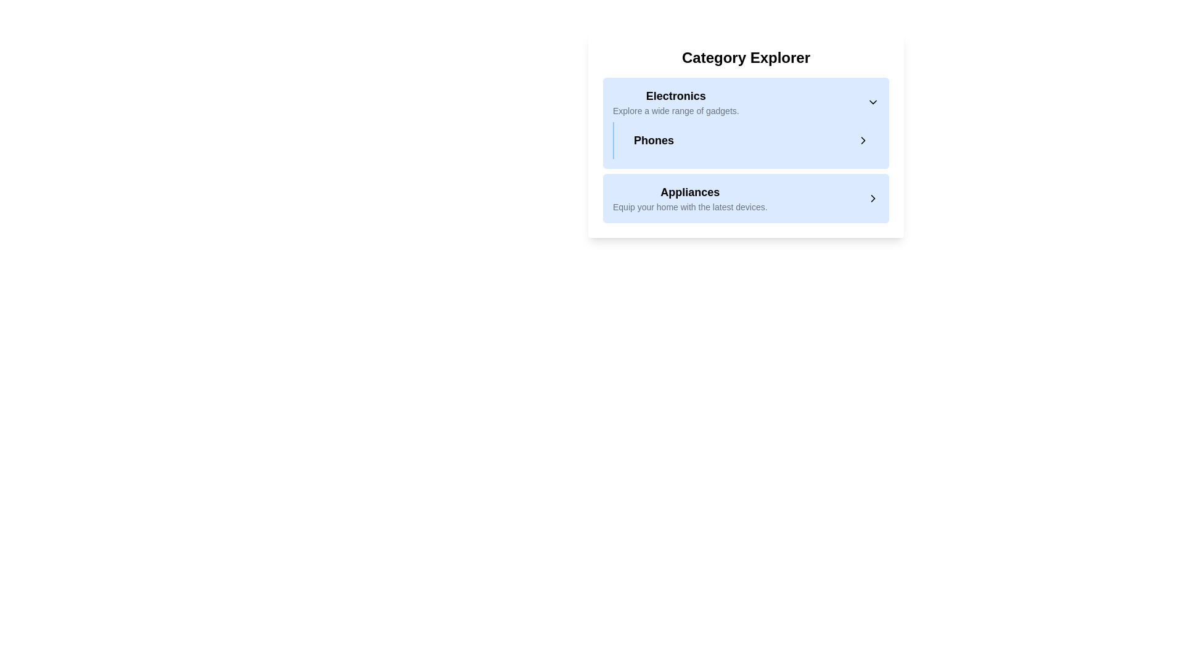 The height and width of the screenshot is (666, 1184). I want to click on the header text component labeled 'Appliances' which serves as a category title in the 'Category Explorer' section, so click(689, 192).